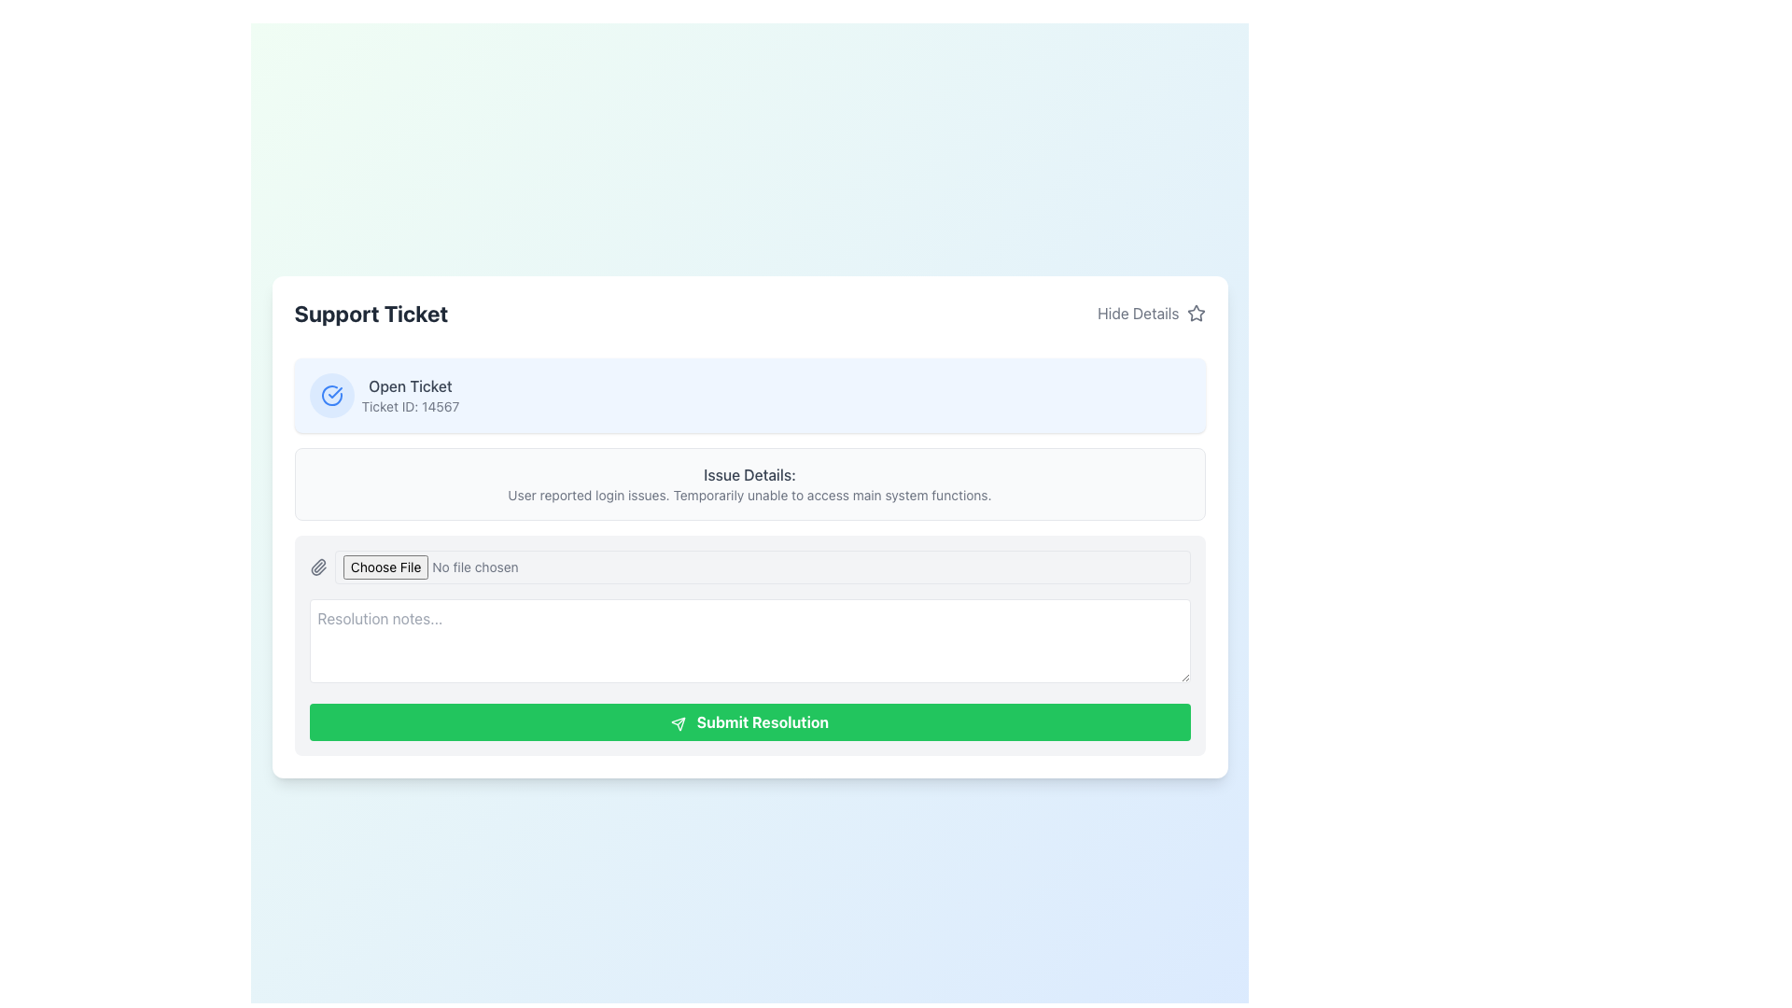  What do you see at coordinates (410, 405) in the screenshot?
I see `the static text displaying the unique identifier for the current ticket, located just below the 'Open Ticket' header in the top left of the layout` at bounding box center [410, 405].